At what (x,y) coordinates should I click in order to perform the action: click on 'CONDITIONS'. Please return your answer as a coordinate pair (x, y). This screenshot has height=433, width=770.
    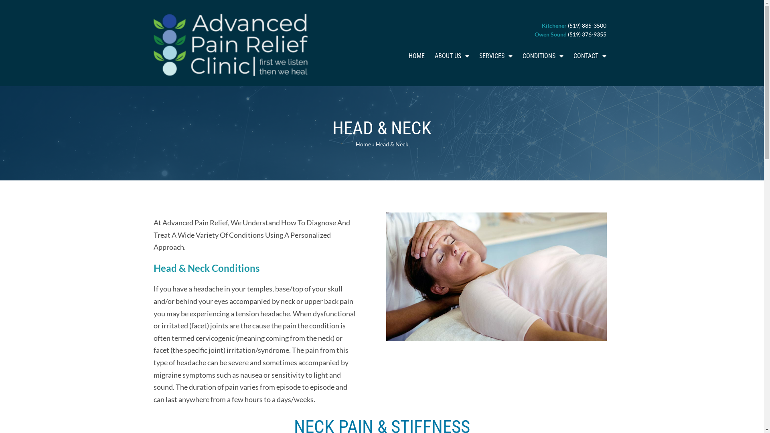
    Looking at the image, I should click on (522, 55).